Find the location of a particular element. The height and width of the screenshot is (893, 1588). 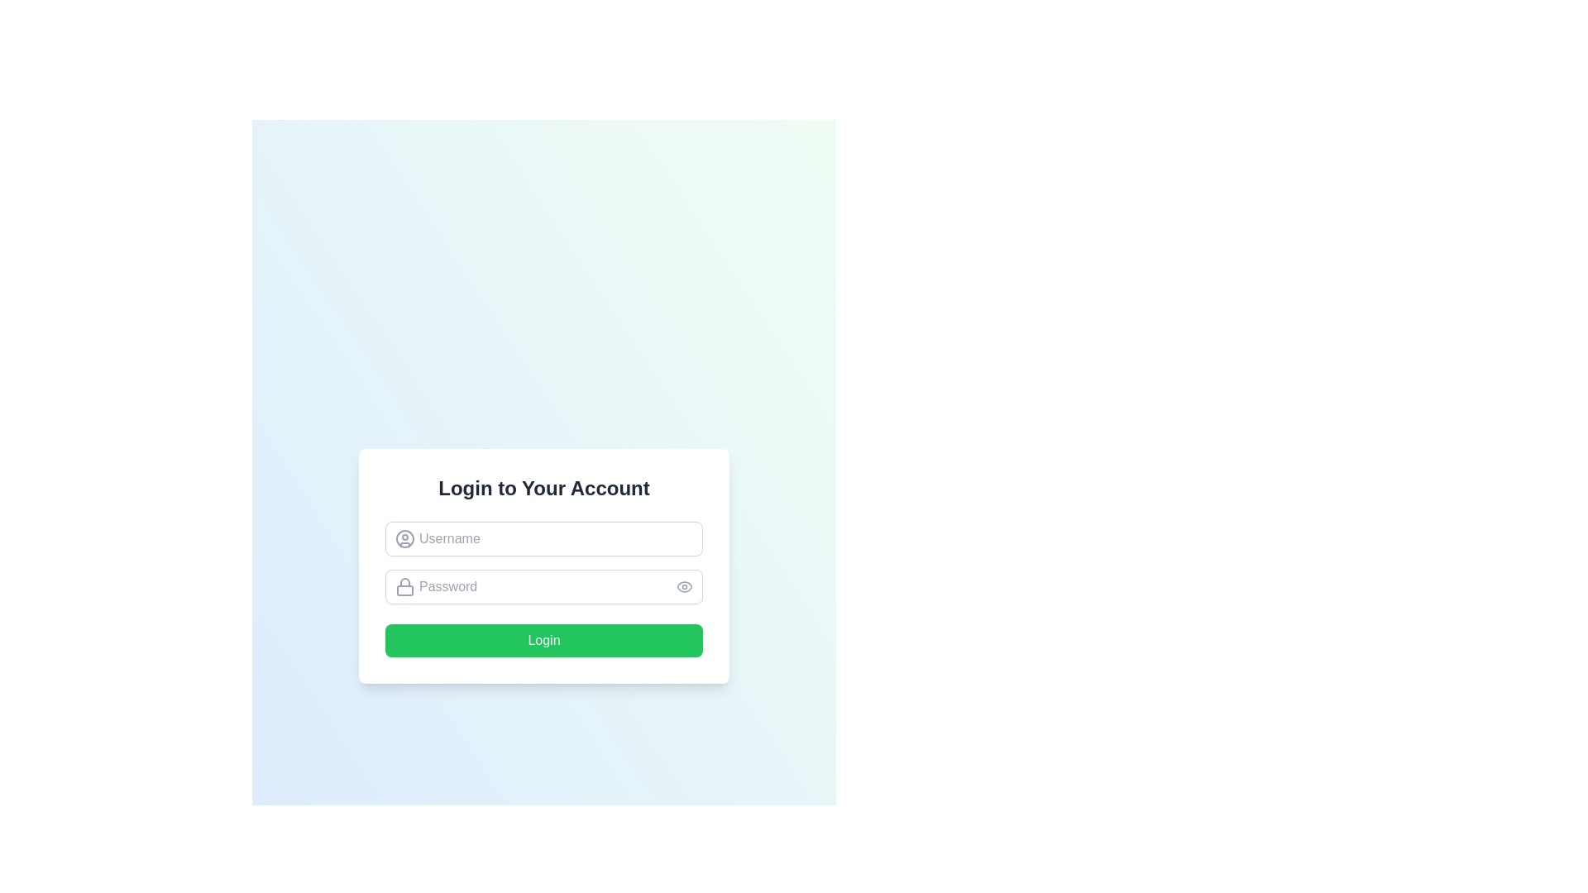

the green 'Login' button at the bottom center of the form layout to initiate the login process is located at coordinates (543, 640).